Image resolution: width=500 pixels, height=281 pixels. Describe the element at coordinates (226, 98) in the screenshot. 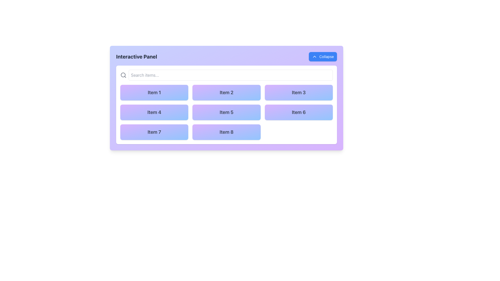

I see `the UI Card that displays an item in the second column of the first row in the grid, located below the 'Search items...' input field and the 'Interactive Panel' header` at that location.